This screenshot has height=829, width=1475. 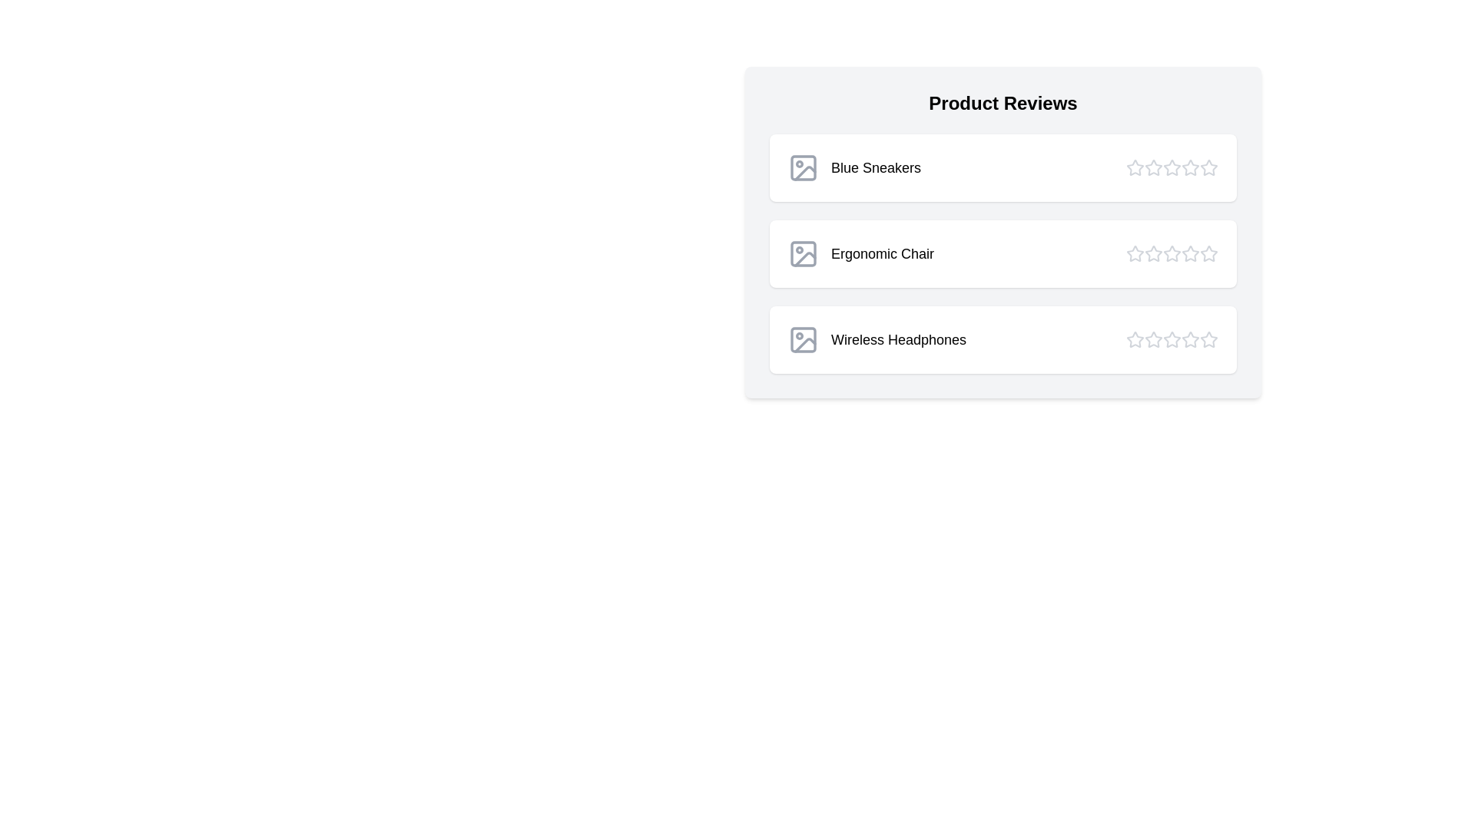 What do you see at coordinates (899, 339) in the screenshot?
I see `the product name Wireless Headphones to interact with it` at bounding box center [899, 339].